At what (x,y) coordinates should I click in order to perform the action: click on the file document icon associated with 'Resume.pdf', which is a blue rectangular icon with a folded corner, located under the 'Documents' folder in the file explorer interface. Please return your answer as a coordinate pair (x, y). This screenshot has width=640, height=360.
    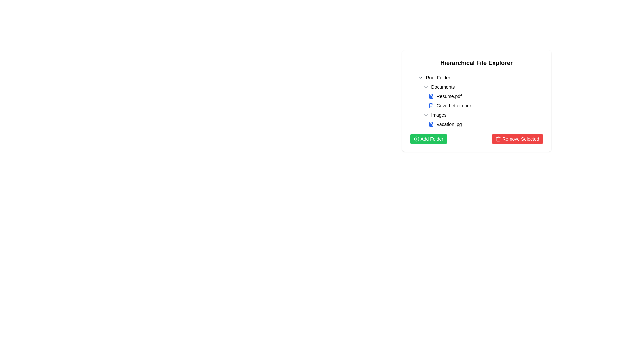
    Looking at the image, I should click on (431, 96).